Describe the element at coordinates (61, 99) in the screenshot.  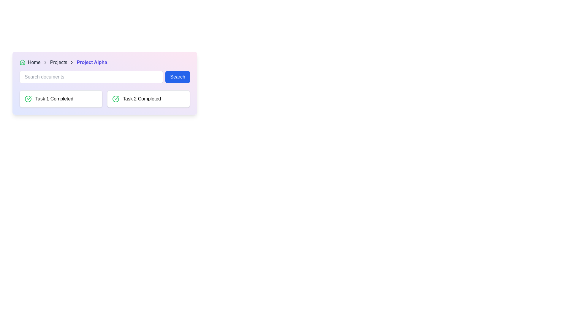
I see `the informative card panel that displays 'Task 1 Completed', which is located in the left column below the search bar` at that location.